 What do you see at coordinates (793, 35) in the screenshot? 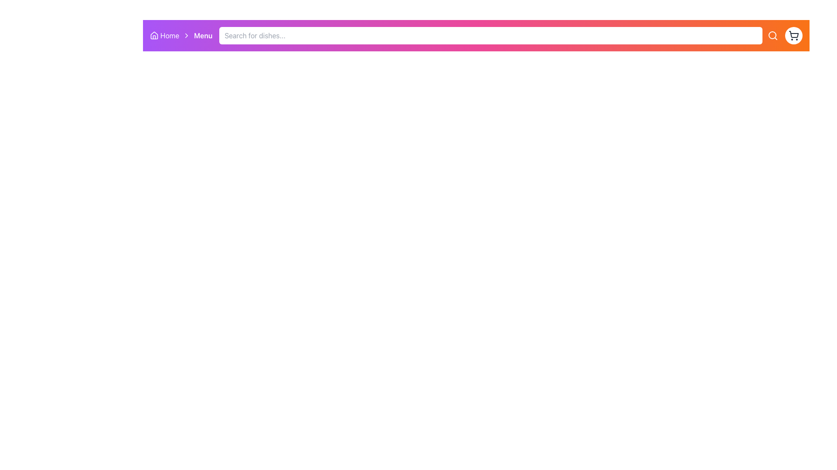
I see `the circular button with a shopping cart icon located at the top-right corner of the interface` at bounding box center [793, 35].